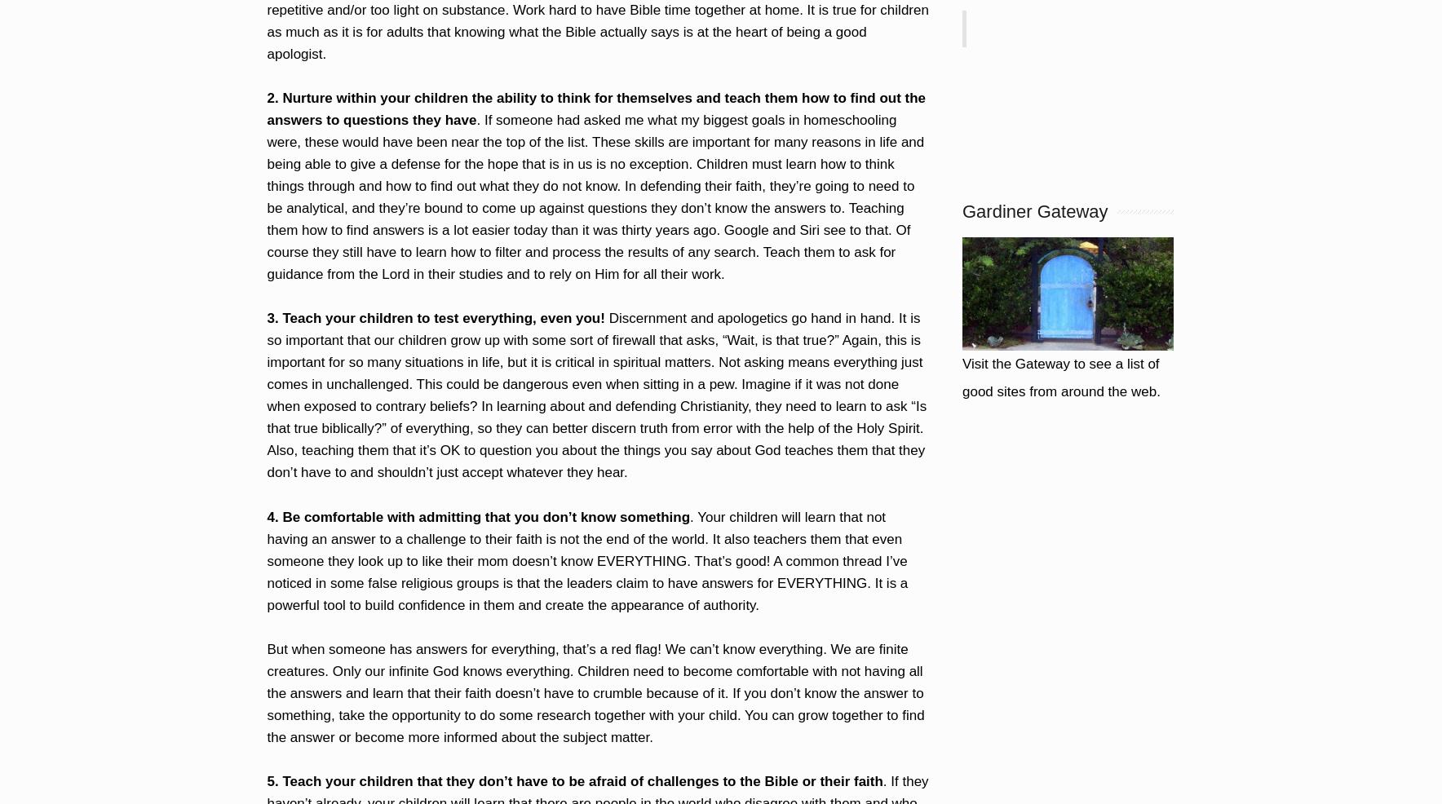  What do you see at coordinates (272, 516) in the screenshot?
I see `'4.'` at bounding box center [272, 516].